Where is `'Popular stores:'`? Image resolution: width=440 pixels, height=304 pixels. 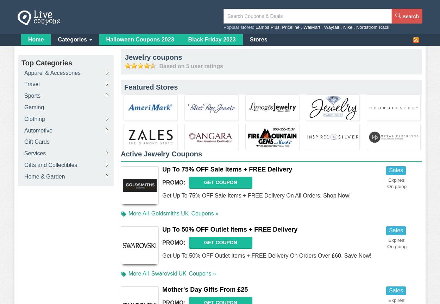
'Popular stores:' is located at coordinates (239, 27).